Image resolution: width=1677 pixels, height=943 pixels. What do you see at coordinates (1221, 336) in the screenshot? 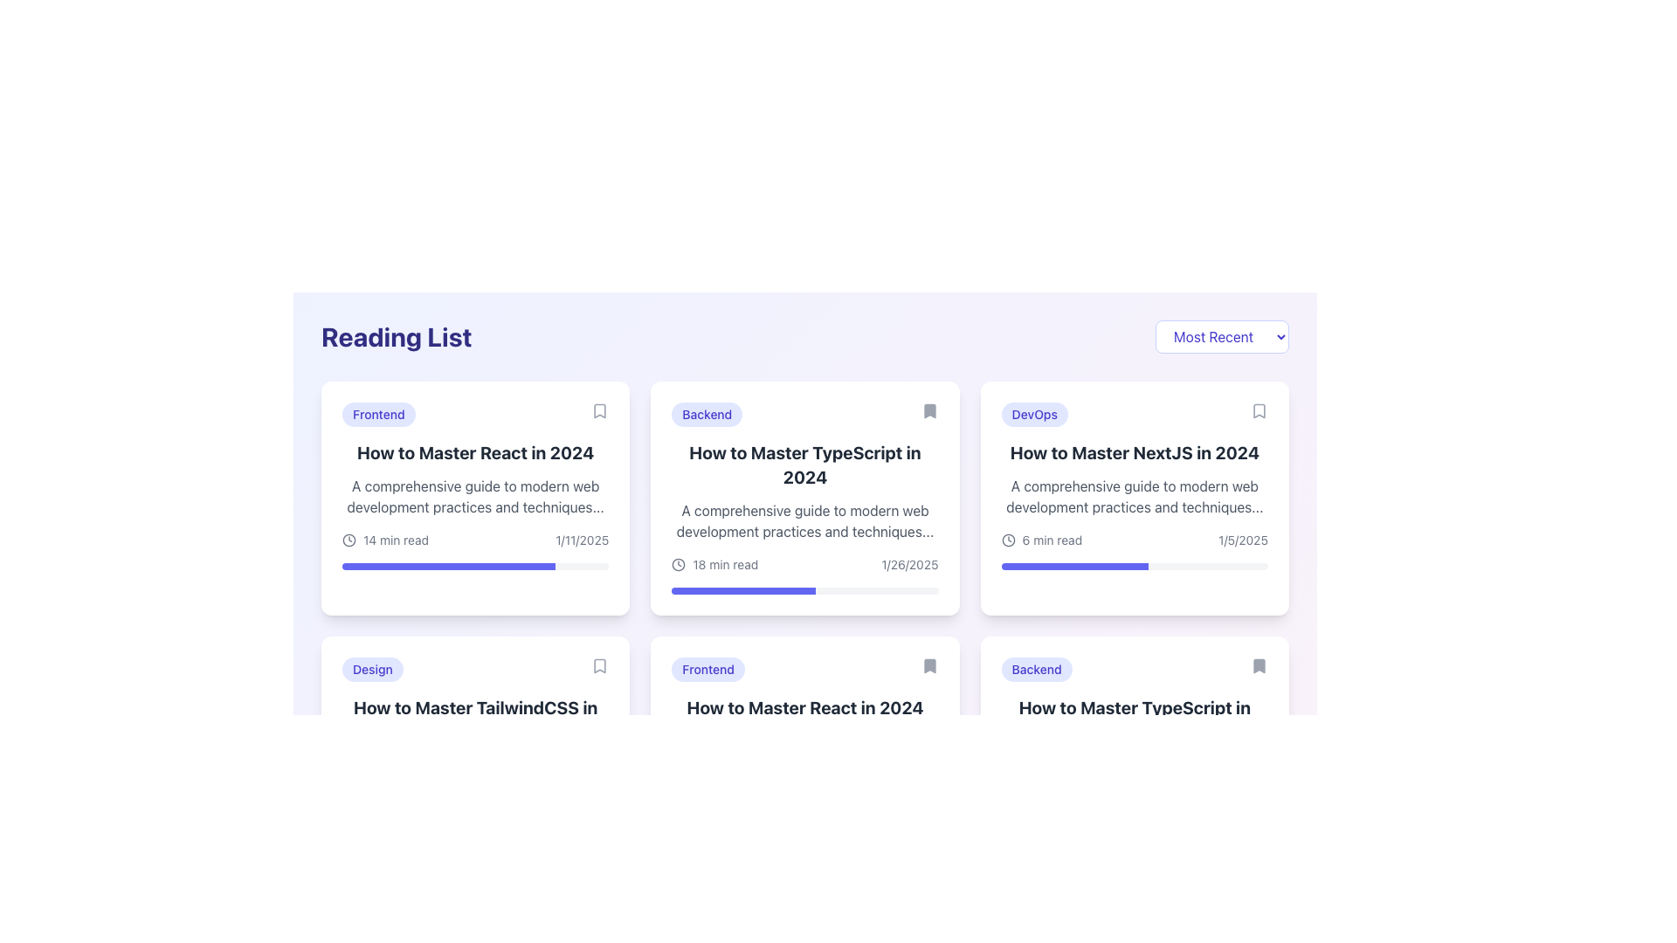
I see `the 'Most Recent' dropdown button located in the top-right corner of the 'Reading List' section` at bounding box center [1221, 336].